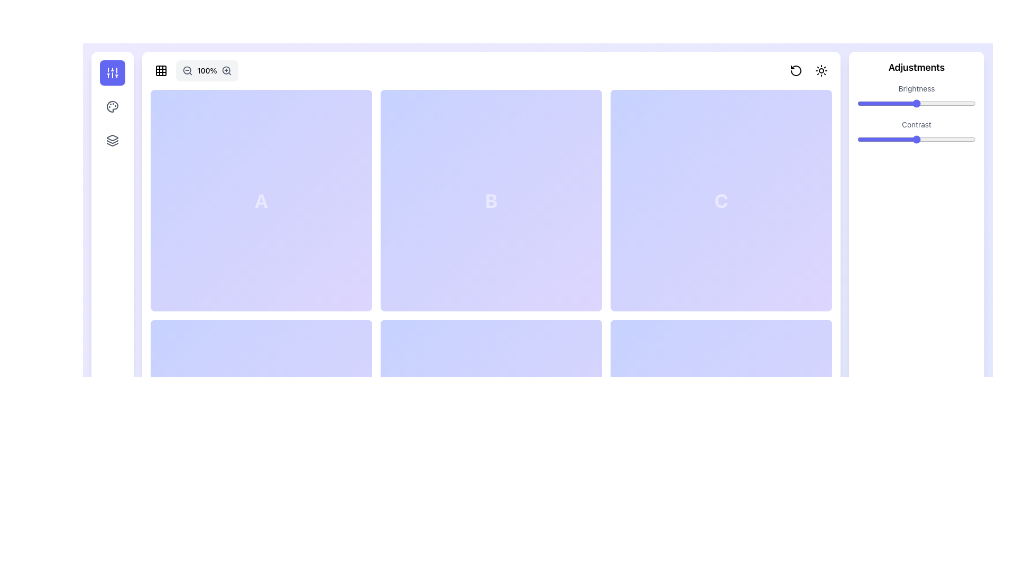 The height and width of the screenshot is (571, 1015). Describe the element at coordinates (721, 200) in the screenshot. I see `the tile-style button that visually represents the letter 'C' located in the top-right position of a 3x2 grid layout` at that location.